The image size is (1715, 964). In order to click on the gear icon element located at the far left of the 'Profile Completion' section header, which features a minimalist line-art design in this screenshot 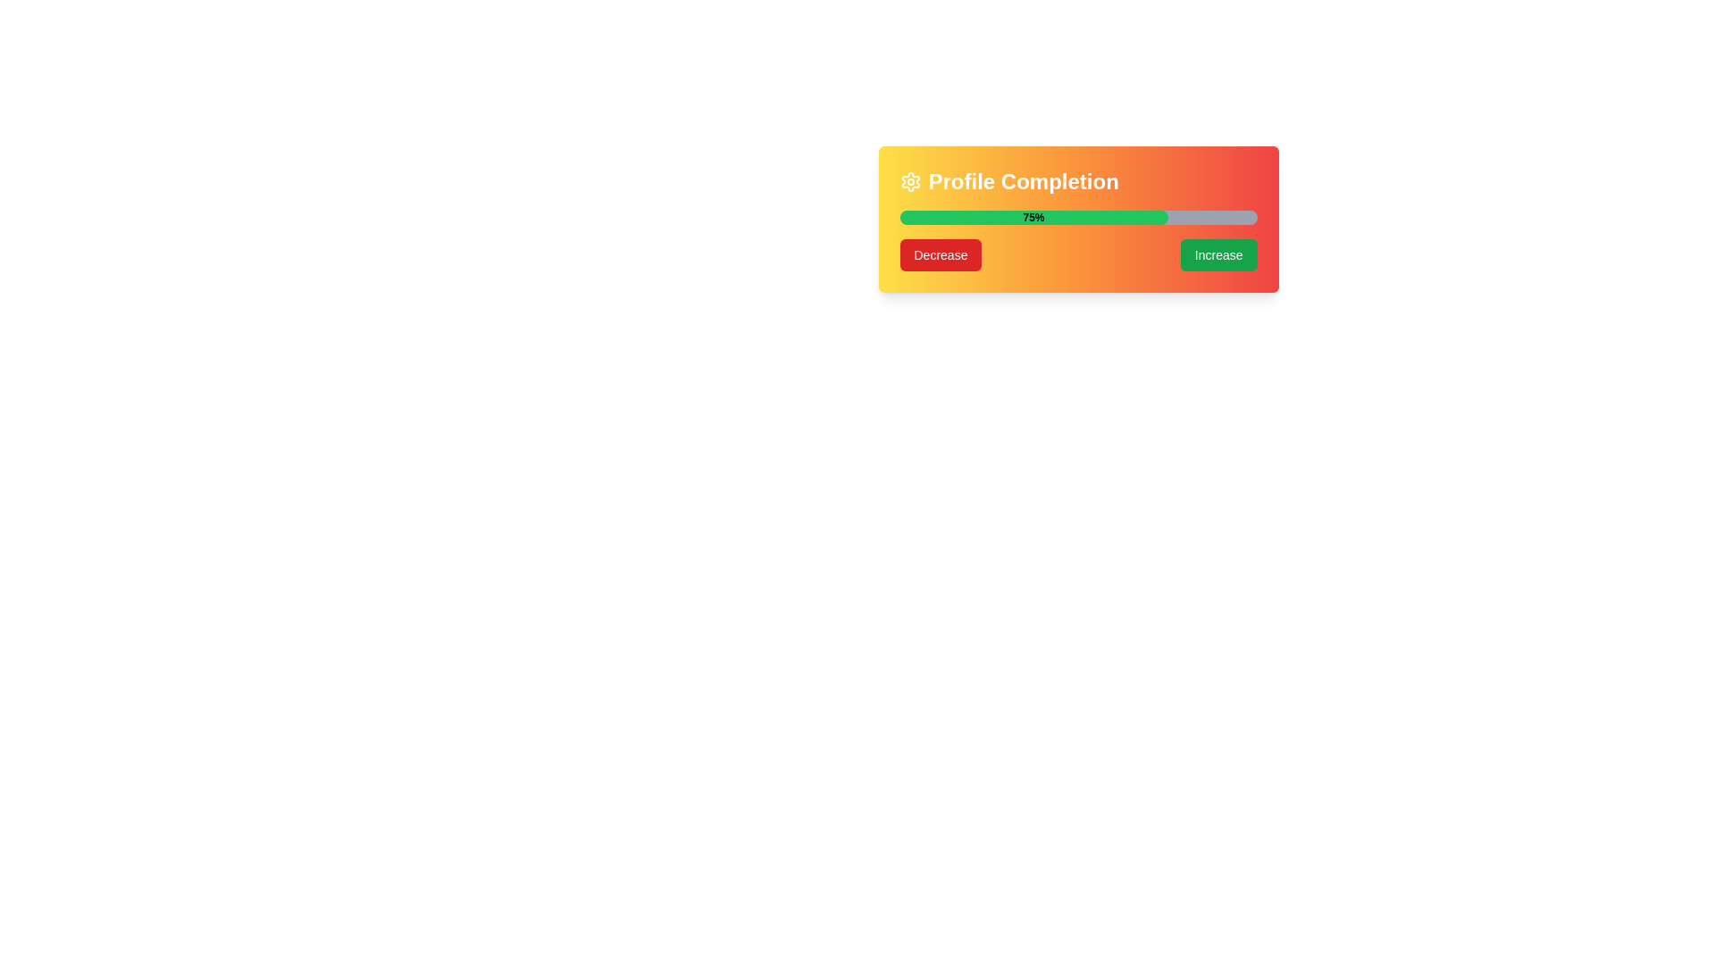, I will do `click(910, 182)`.